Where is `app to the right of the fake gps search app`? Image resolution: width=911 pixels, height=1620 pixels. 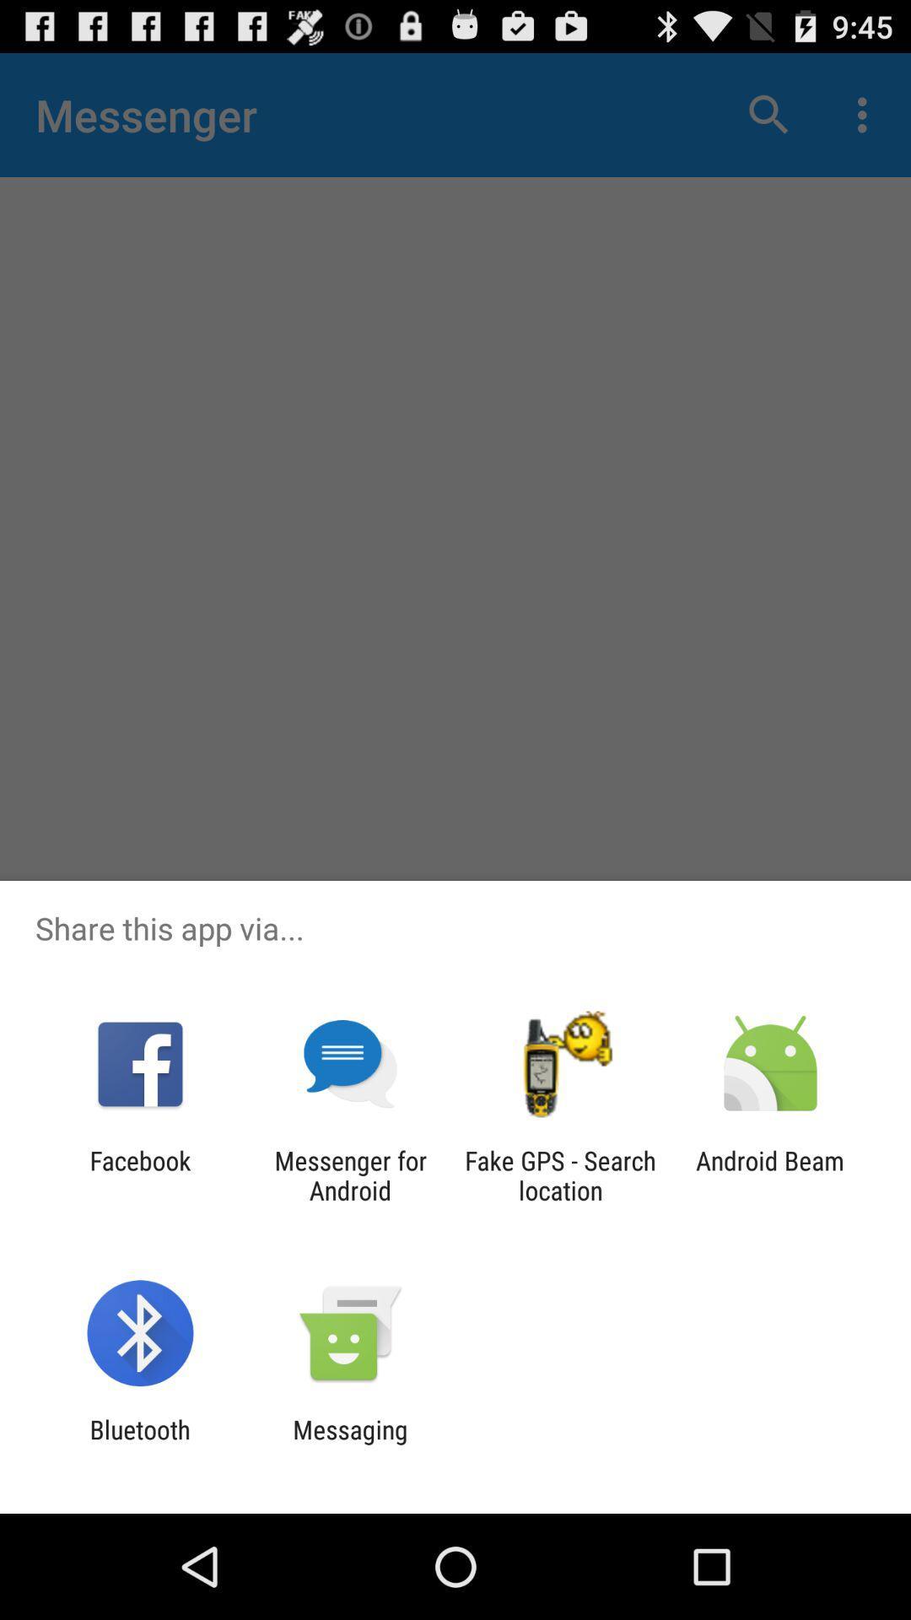 app to the right of the fake gps search app is located at coordinates (770, 1174).